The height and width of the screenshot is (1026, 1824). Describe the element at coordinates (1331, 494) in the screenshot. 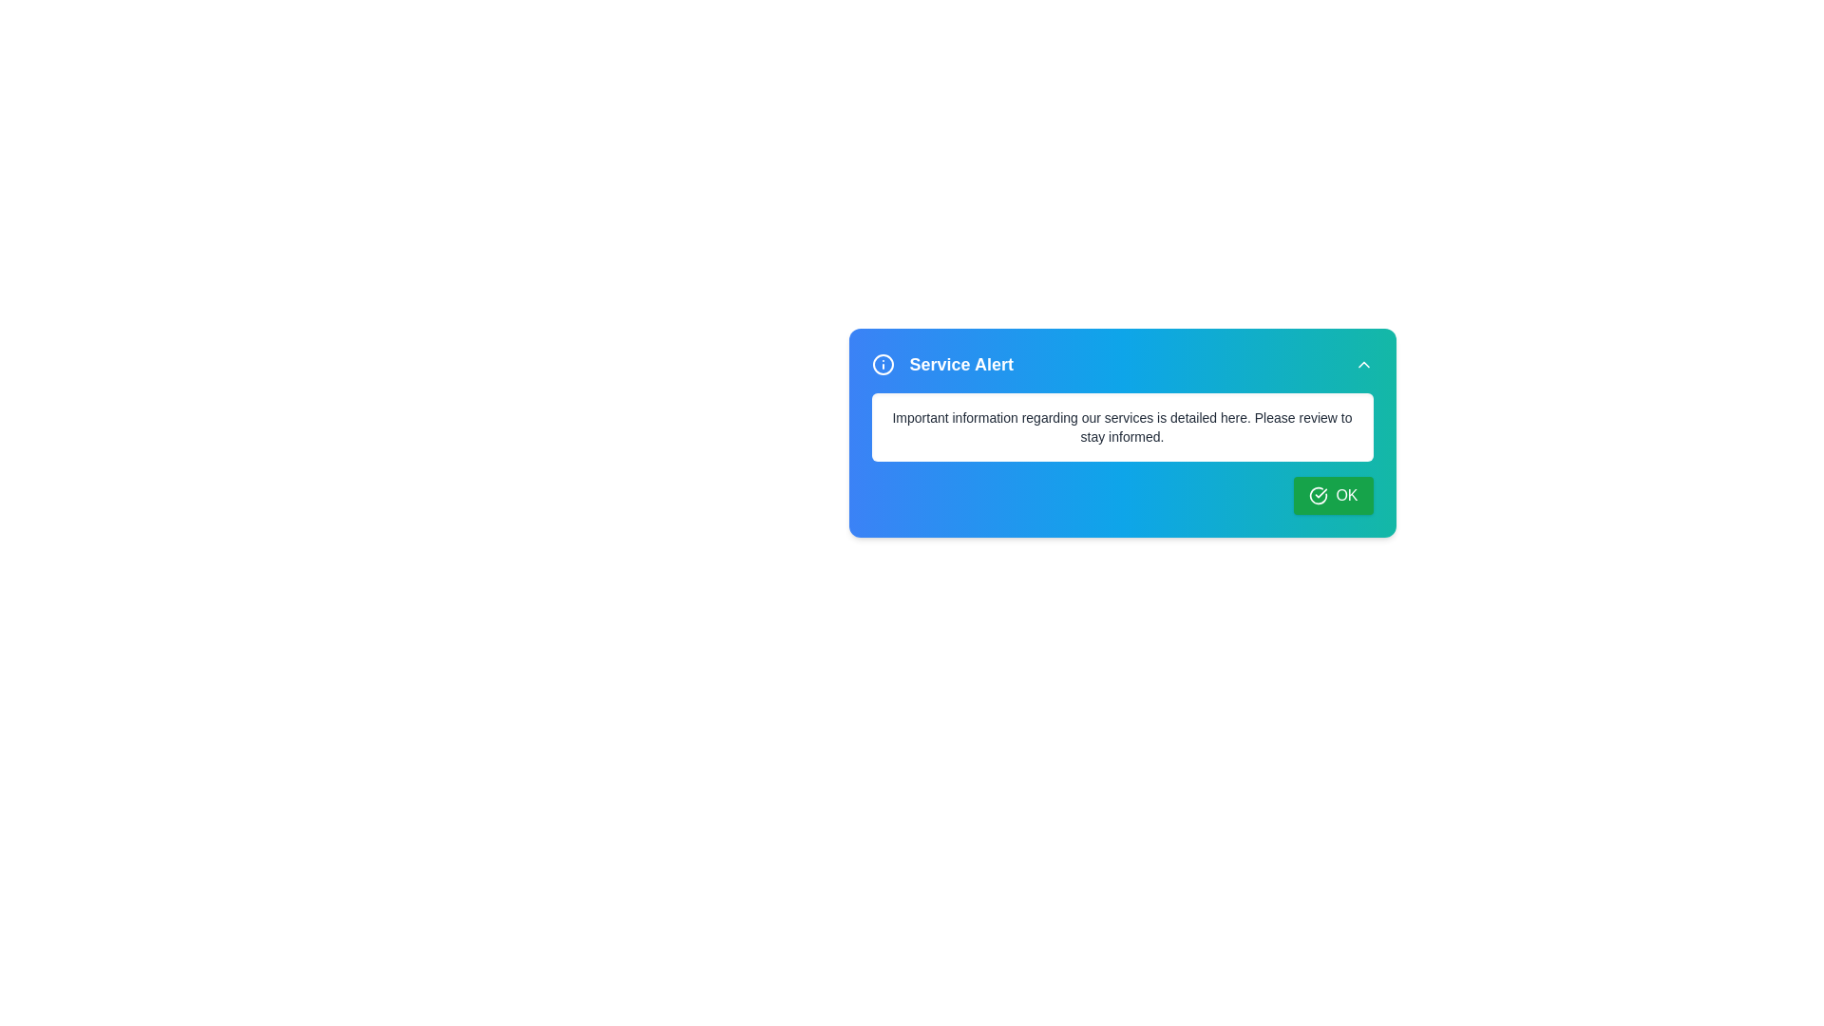

I see `the OK button to acknowledge the notification` at that location.